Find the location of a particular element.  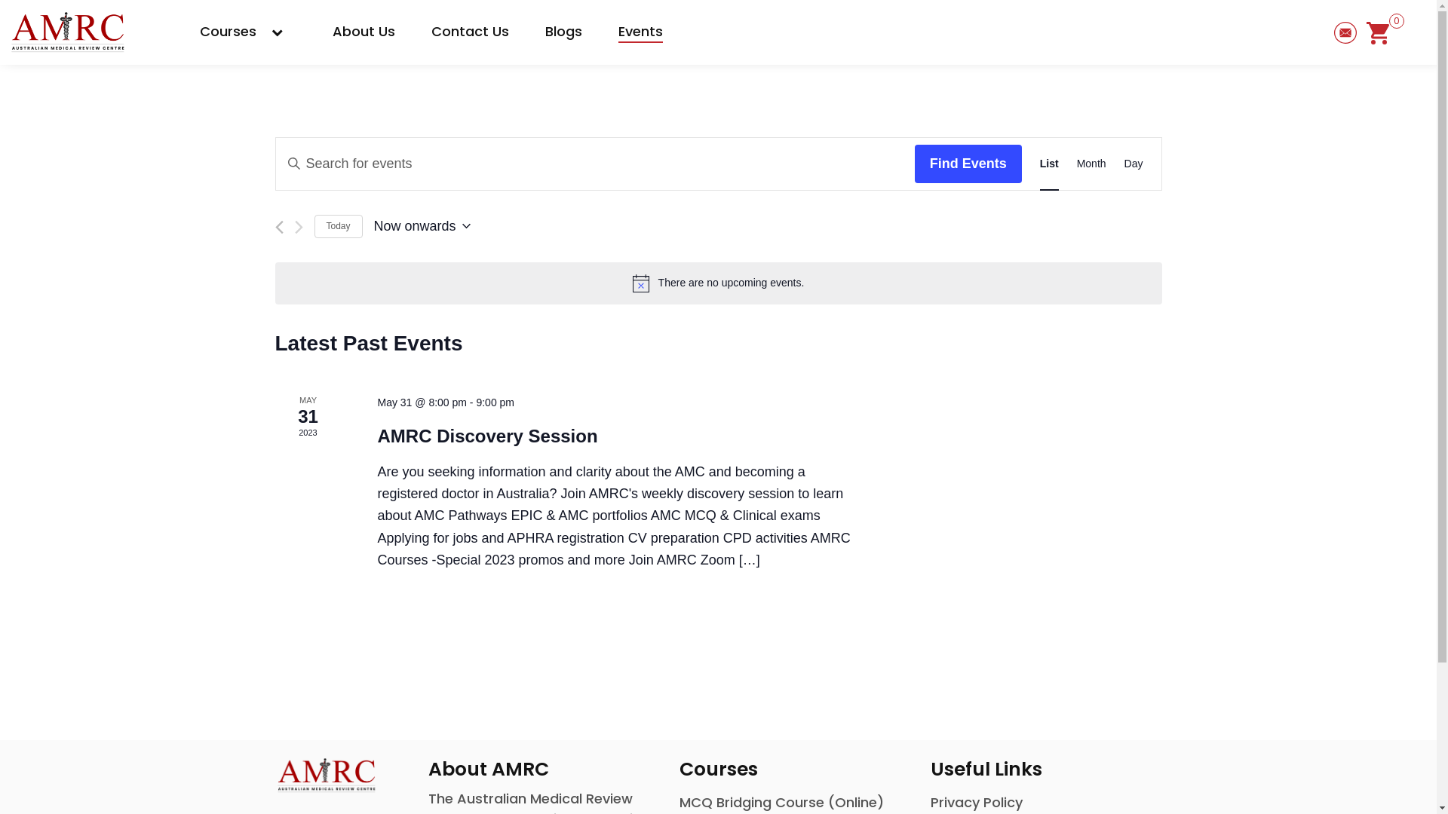

'Events' is located at coordinates (640, 32).